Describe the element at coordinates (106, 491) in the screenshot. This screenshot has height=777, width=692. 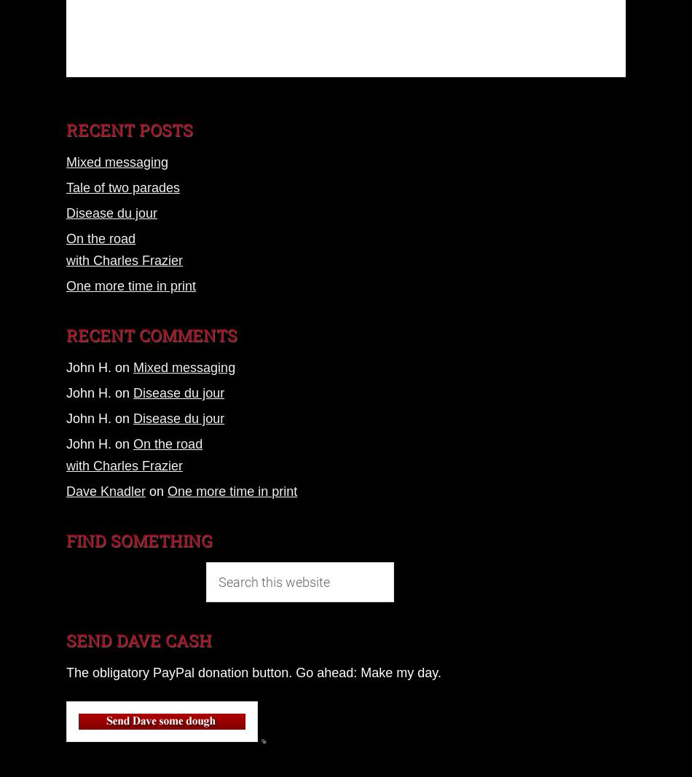
I see `'Dave Knadler'` at that location.